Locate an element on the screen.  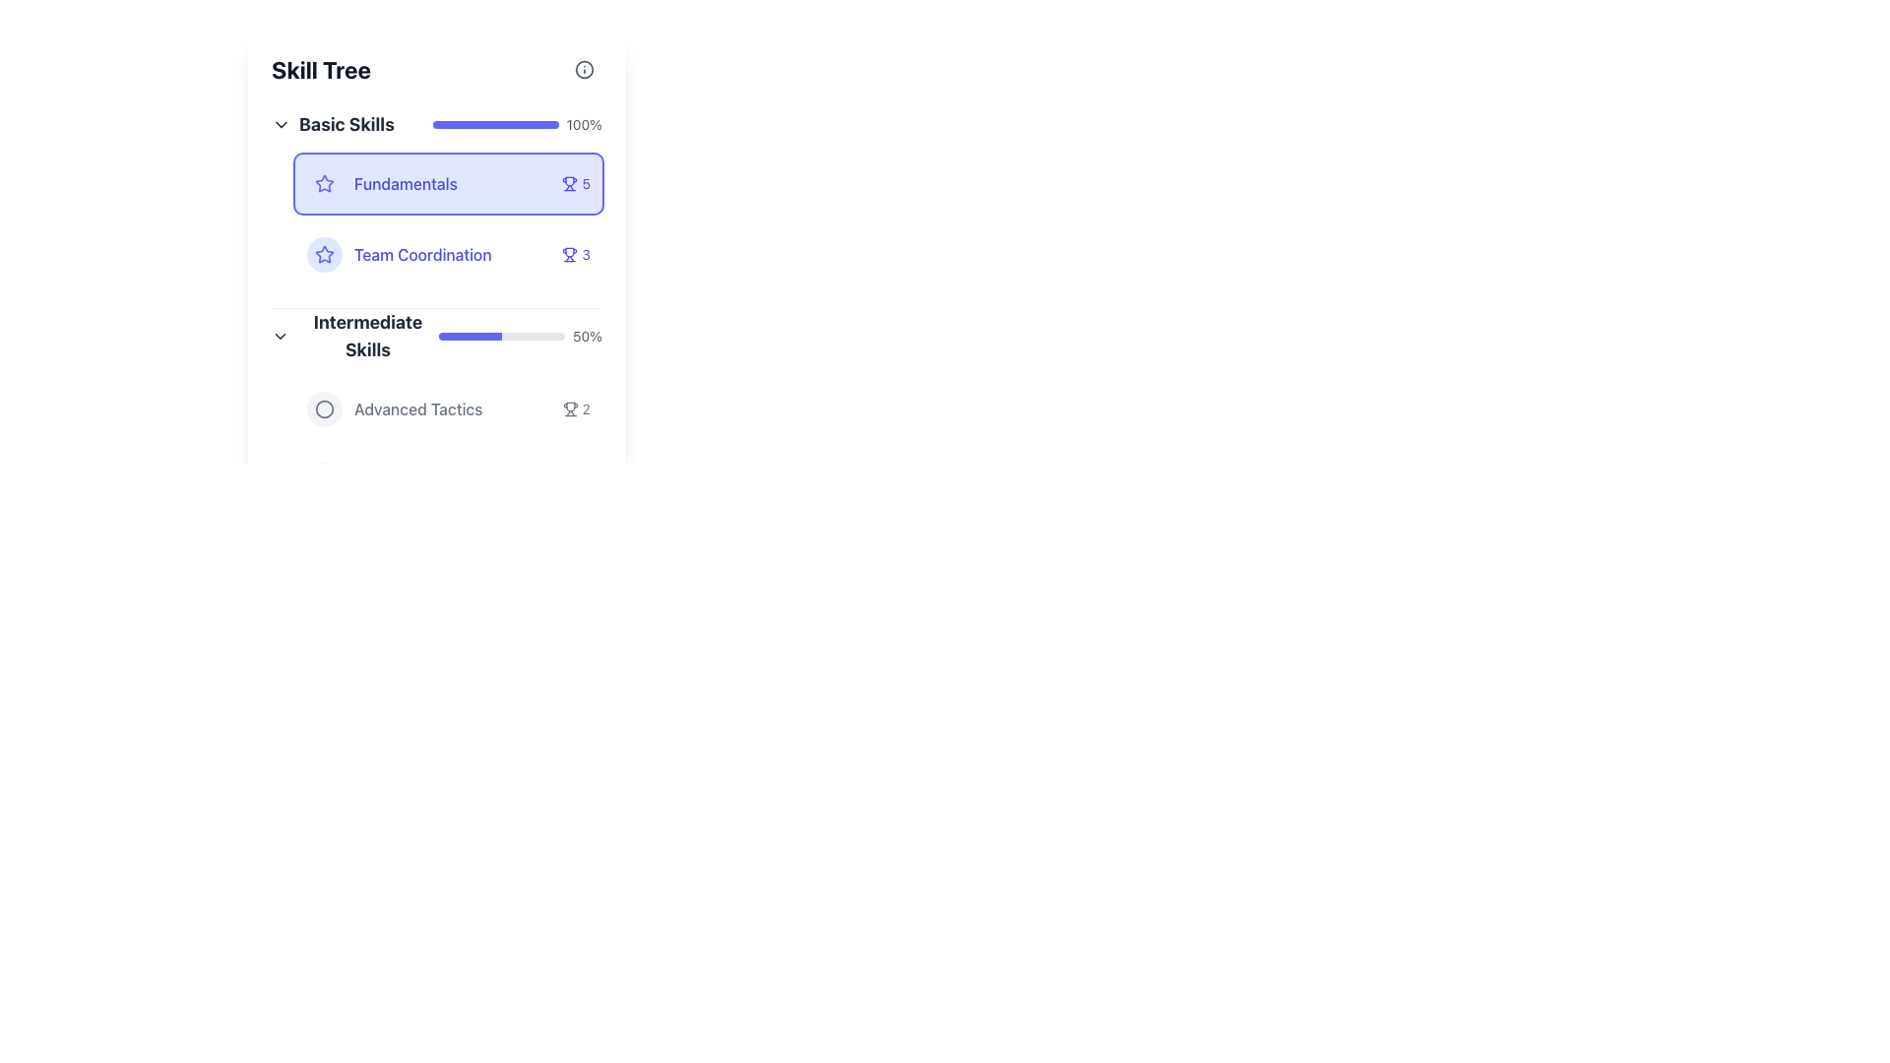
static text displaying the completion percentage of the progress bar labeled 'Basic Skills', located at the right end of the progress bar is located at coordinates (583, 125).